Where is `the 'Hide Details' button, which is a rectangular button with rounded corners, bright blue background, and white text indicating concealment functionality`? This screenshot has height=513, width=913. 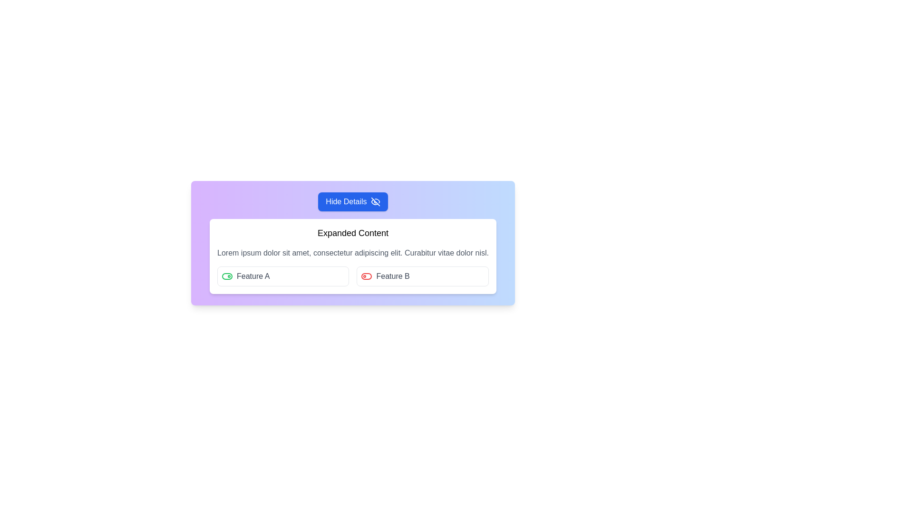
the 'Hide Details' button, which is a rectangular button with rounded corners, bright blue background, and white text indicating concealment functionality is located at coordinates (352, 201).